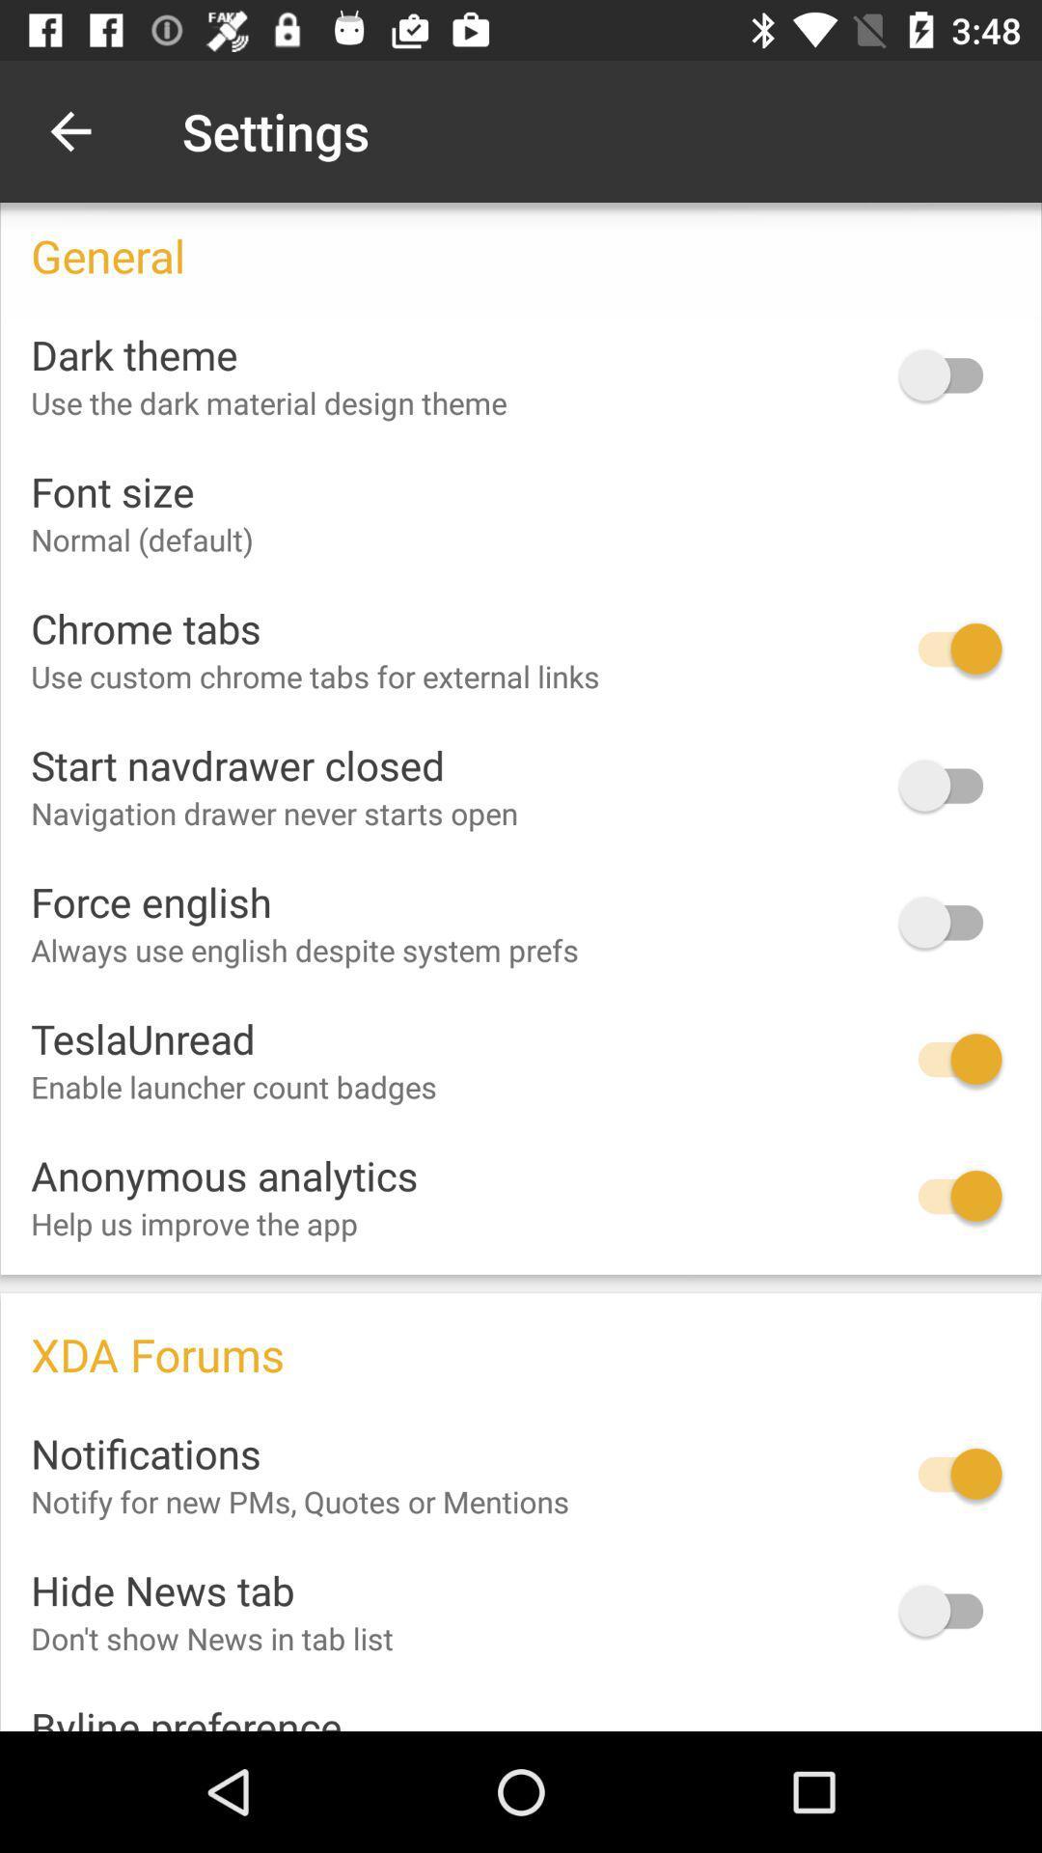 The width and height of the screenshot is (1042, 1853). I want to click on option, so click(949, 1058).